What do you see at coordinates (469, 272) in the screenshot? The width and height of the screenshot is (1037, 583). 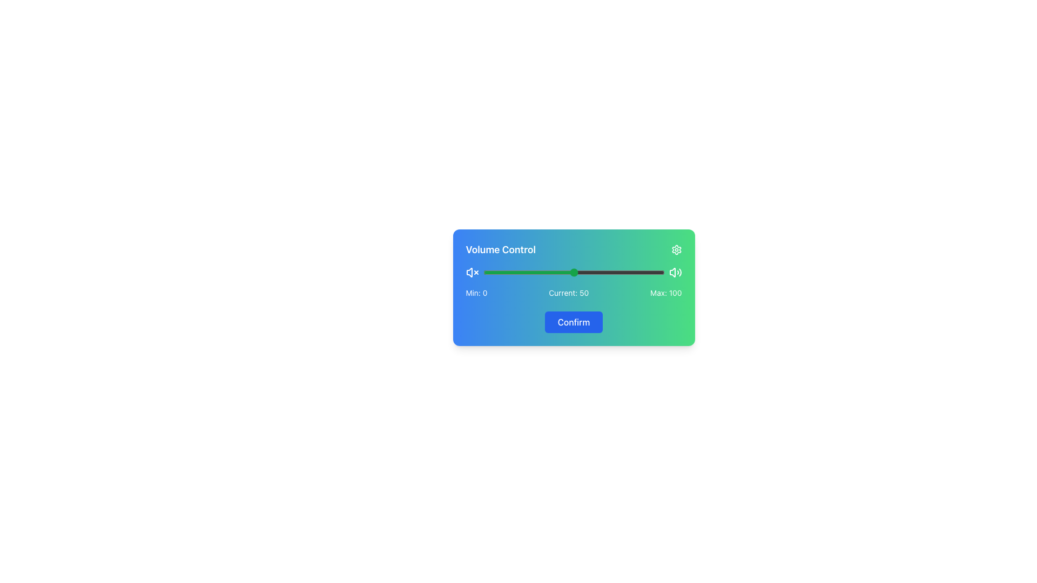 I see `the speaker icon with a cross mark located in the top-left corner of the volume control panel` at bounding box center [469, 272].